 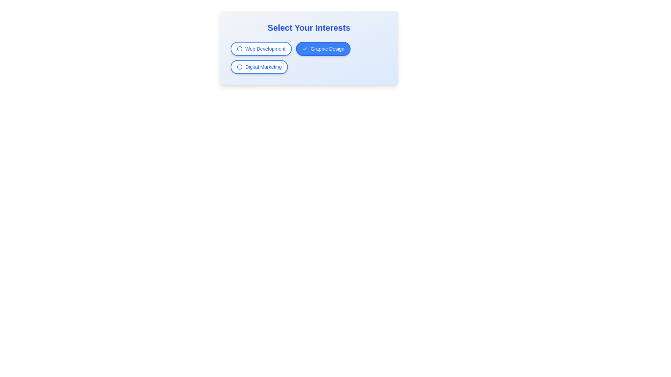 I want to click on the filter chip labeled Graphic Design to toggle its state, so click(x=323, y=48).